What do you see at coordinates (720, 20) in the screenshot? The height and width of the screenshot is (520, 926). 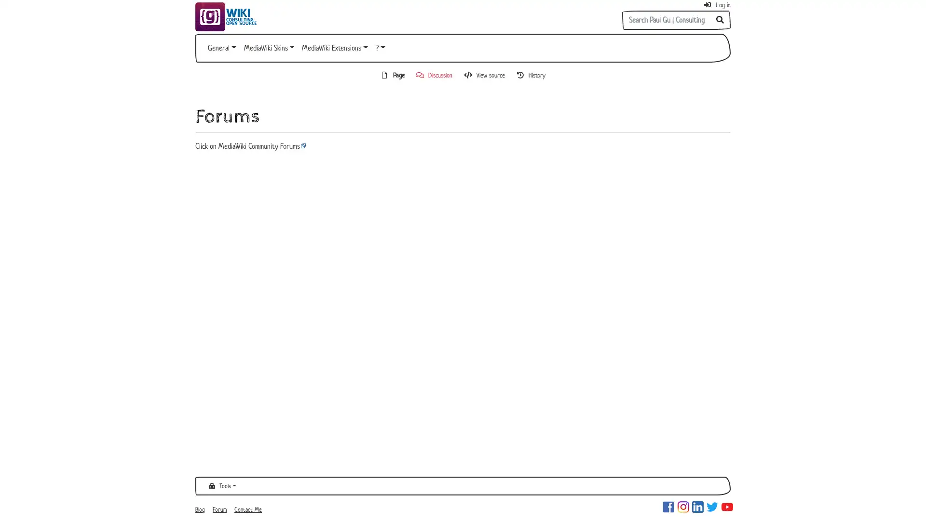 I see `Go to page` at bounding box center [720, 20].